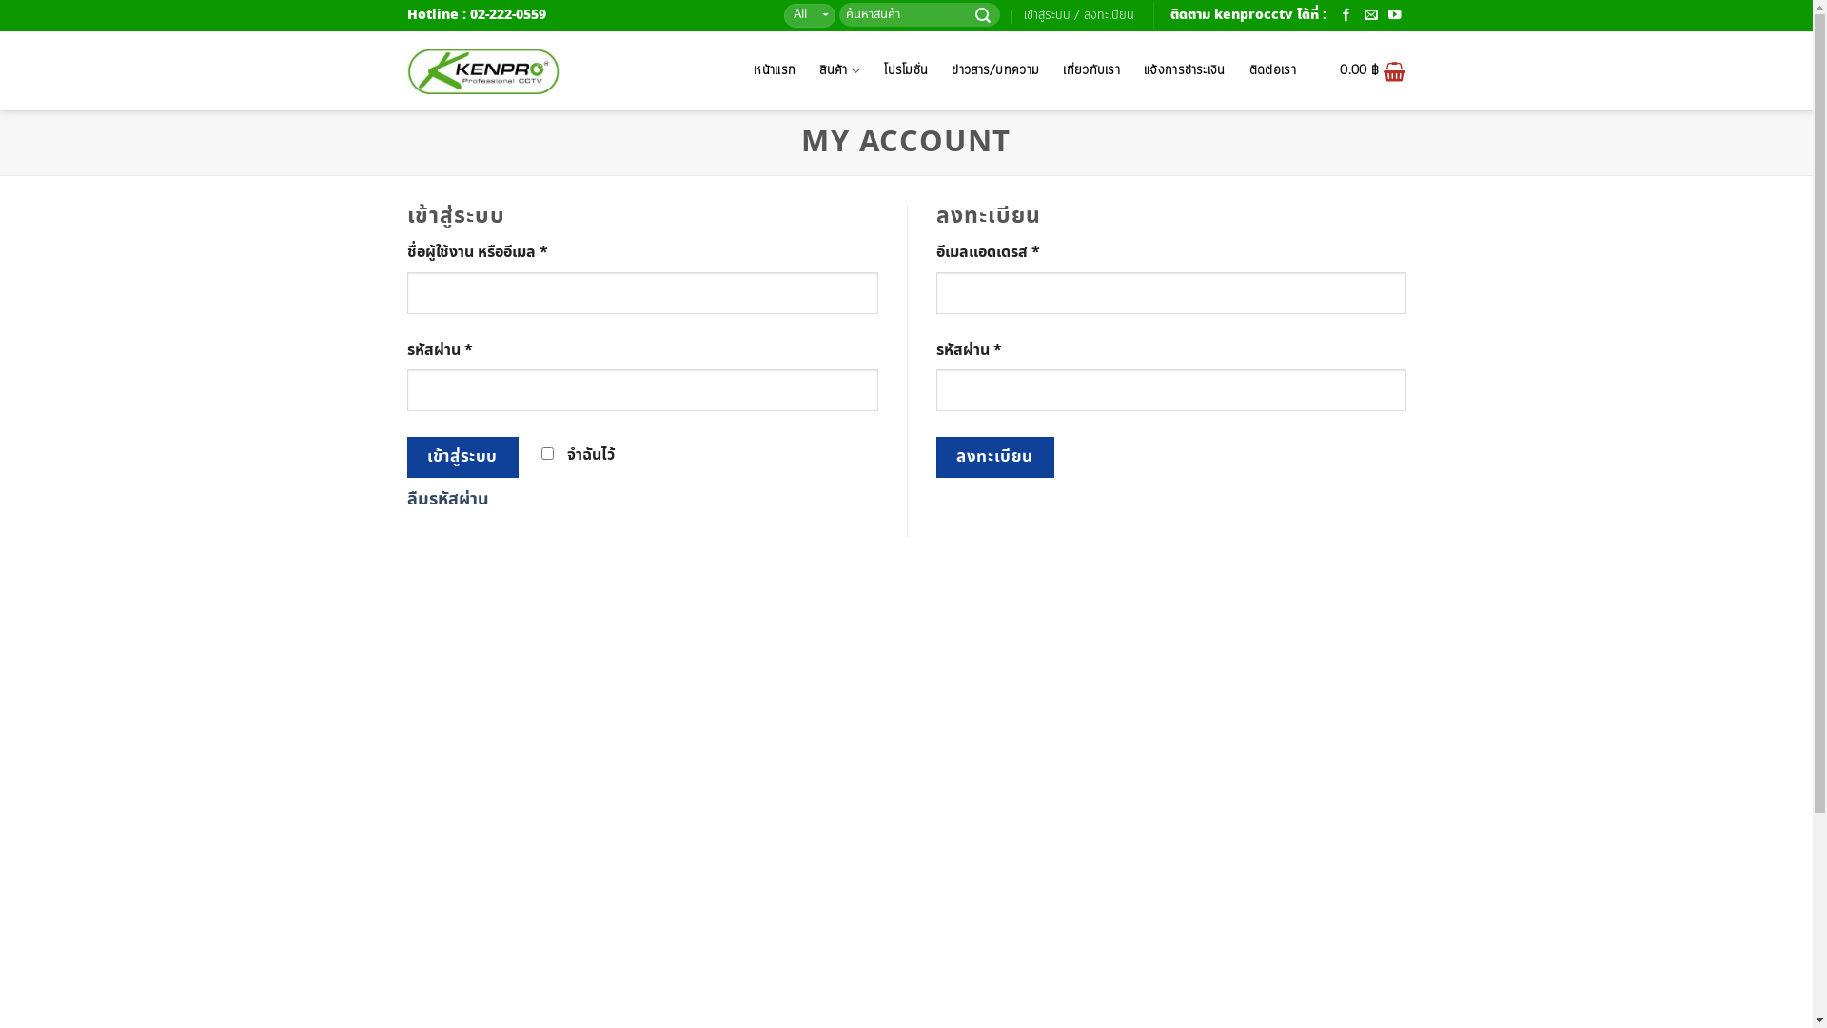 The height and width of the screenshot is (1028, 1827). Describe the element at coordinates (483, 69) in the screenshot. I see `'108CCTVOnline - '` at that location.